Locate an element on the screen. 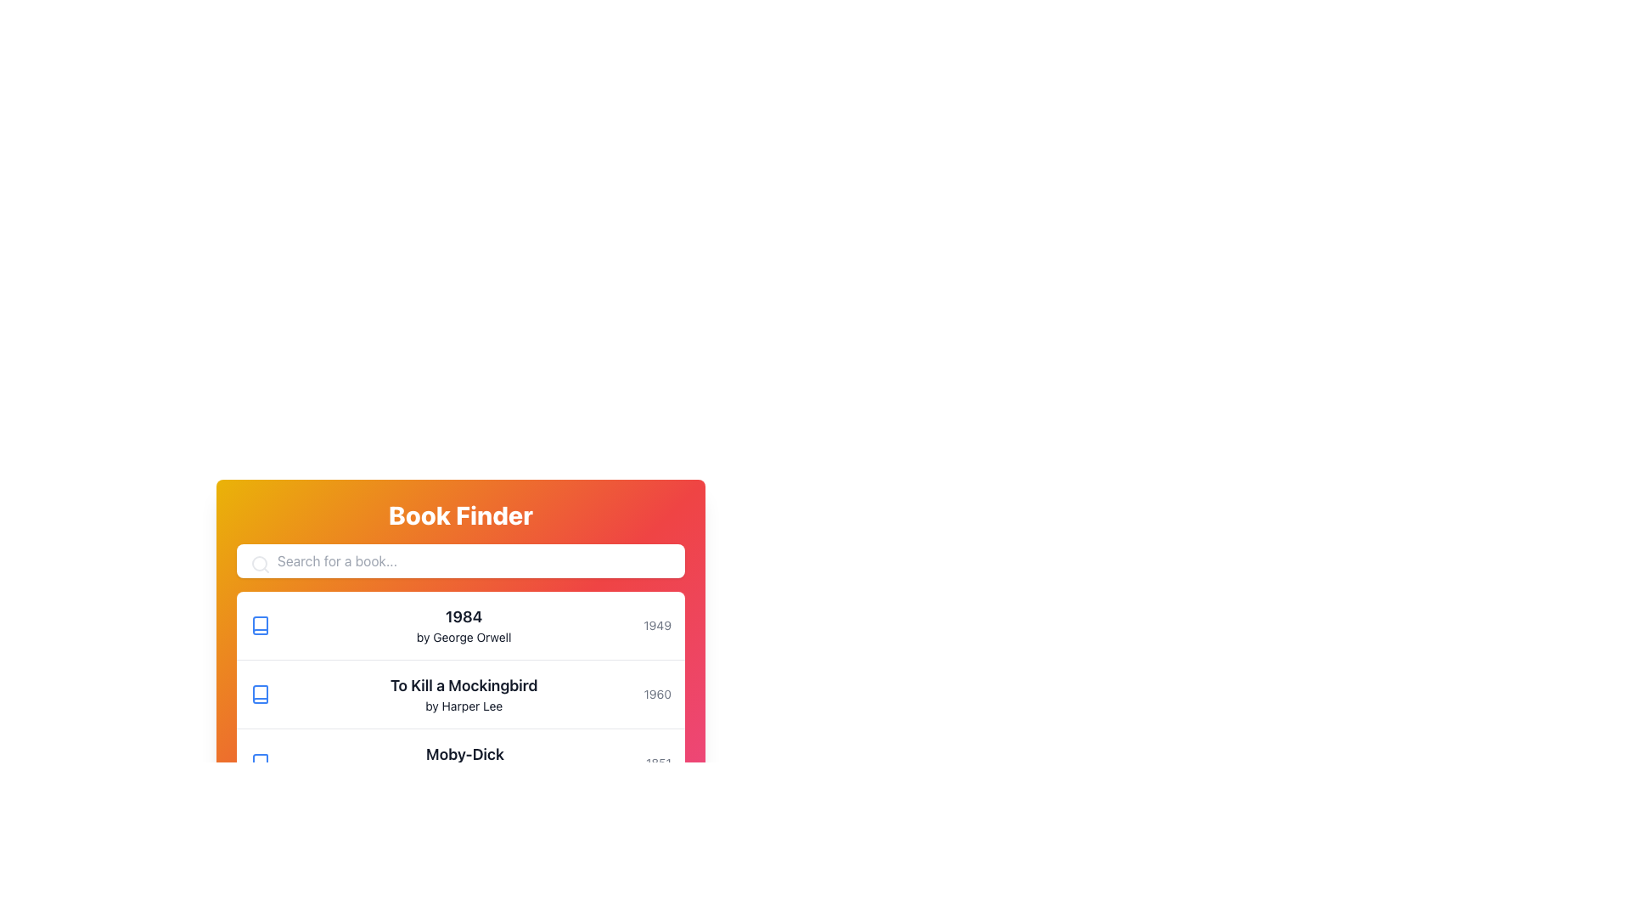 The height and width of the screenshot is (917, 1630). the book icon associated with 'To Kill a Mockingbird' by 'Harper Lee' is located at coordinates (260, 694).